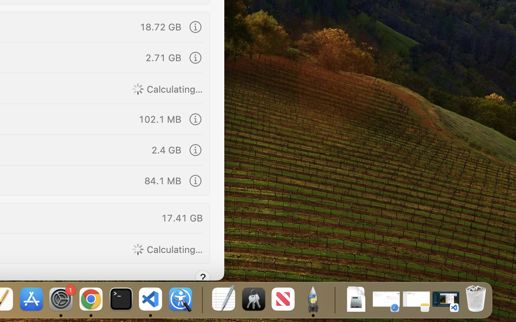  Describe the element at coordinates (166, 149) in the screenshot. I see `'2.4 GB'` at that location.